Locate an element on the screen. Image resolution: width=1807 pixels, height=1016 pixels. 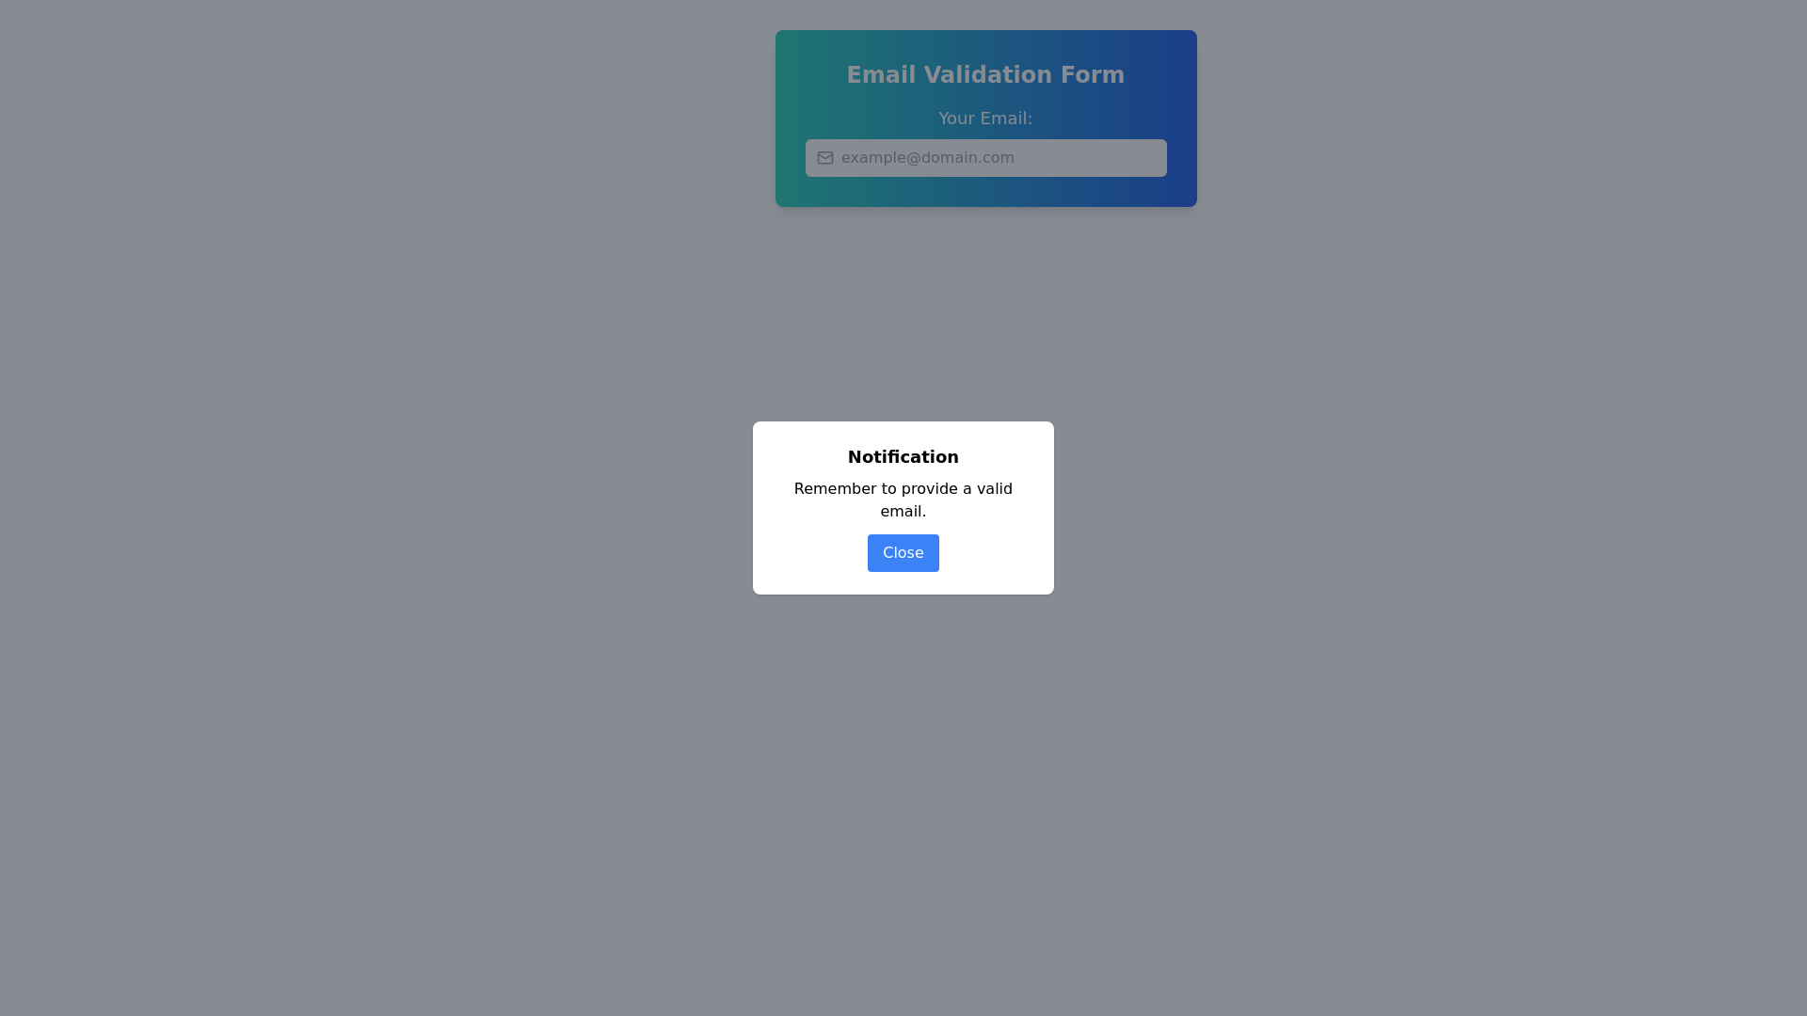
the bold, large-sized text label reading 'Notification', which is positioned at the top of a white, rounded rectangular message box is located at coordinates (903, 457).